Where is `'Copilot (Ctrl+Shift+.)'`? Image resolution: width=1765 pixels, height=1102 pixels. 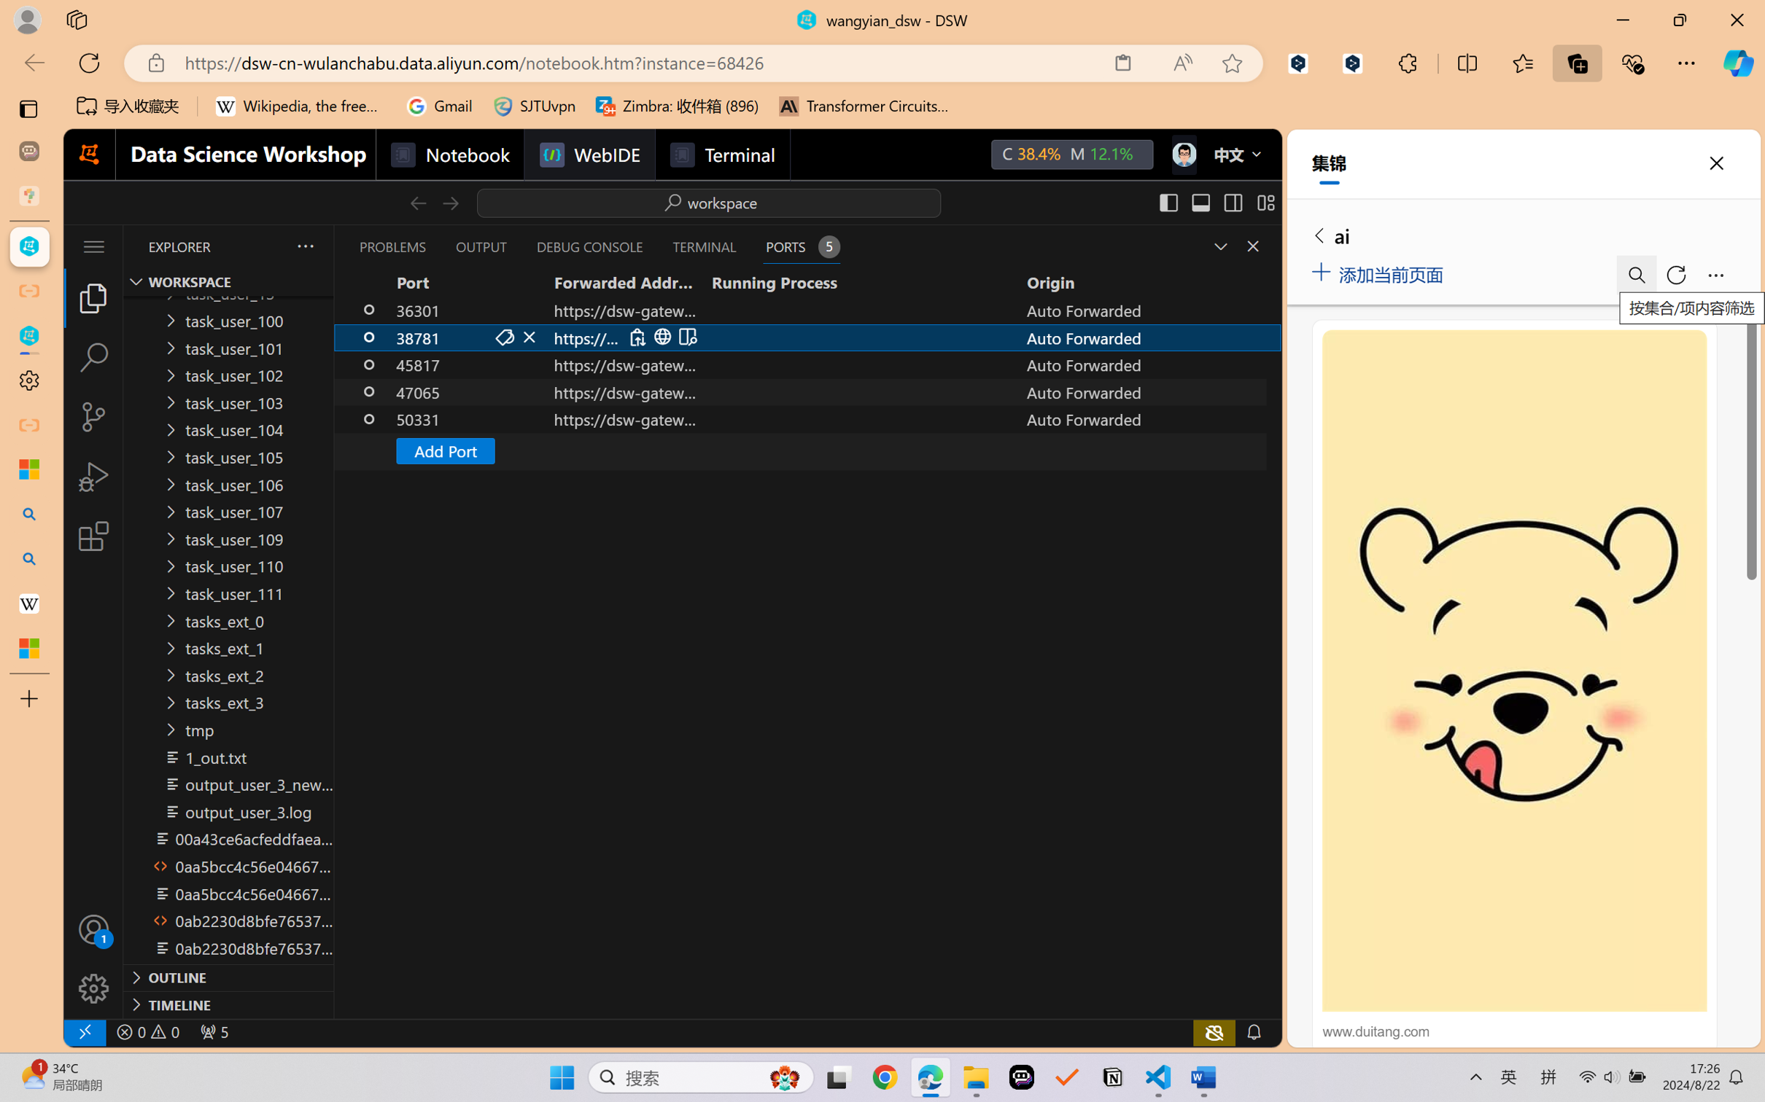 'Copilot (Ctrl+Shift+.)' is located at coordinates (1738, 63).